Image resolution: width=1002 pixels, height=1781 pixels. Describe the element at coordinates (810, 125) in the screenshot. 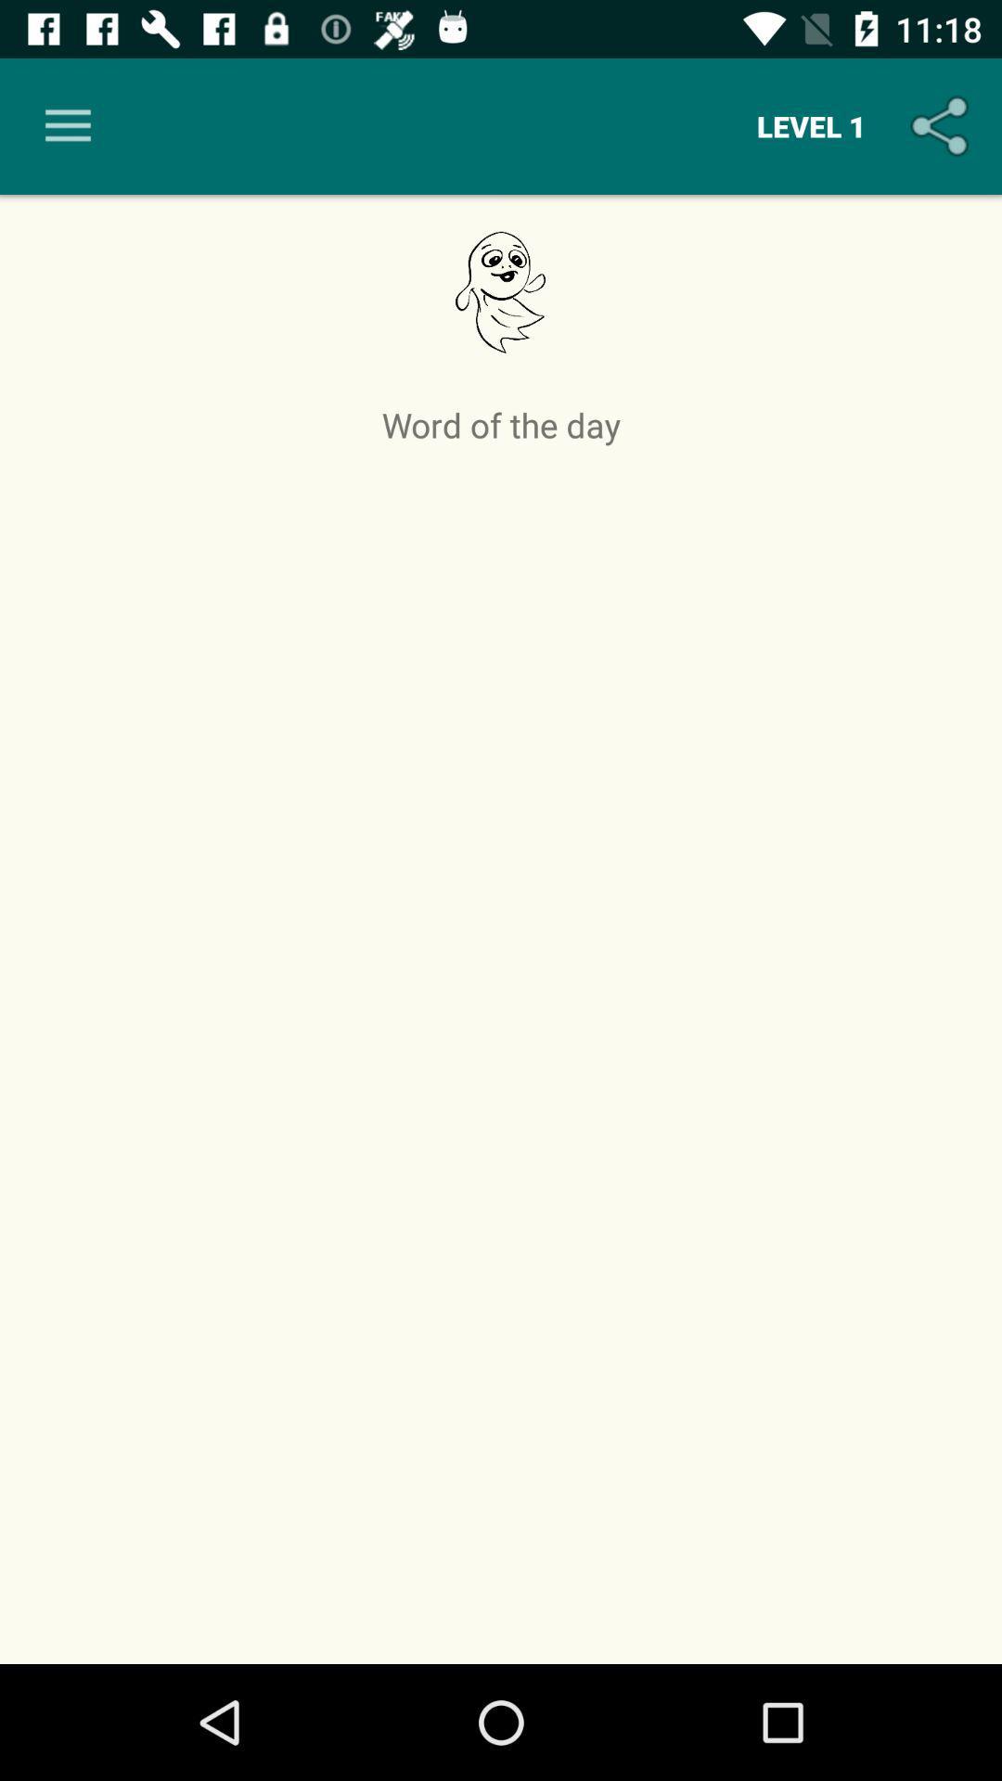

I see `the level 1 icon` at that location.